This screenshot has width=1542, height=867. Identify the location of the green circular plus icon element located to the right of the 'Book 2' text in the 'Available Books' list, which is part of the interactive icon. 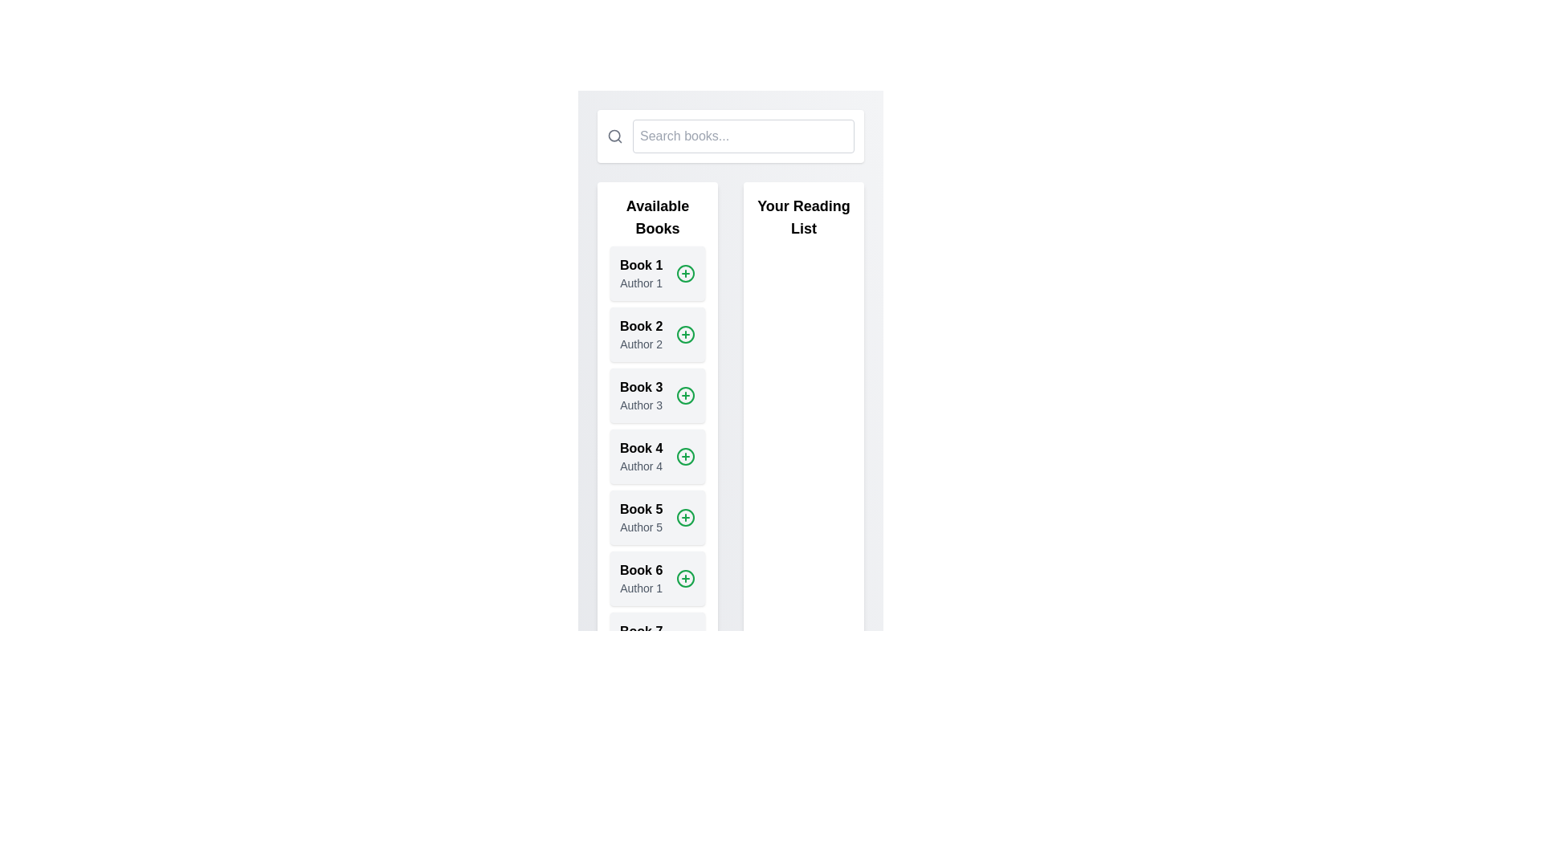
(686, 333).